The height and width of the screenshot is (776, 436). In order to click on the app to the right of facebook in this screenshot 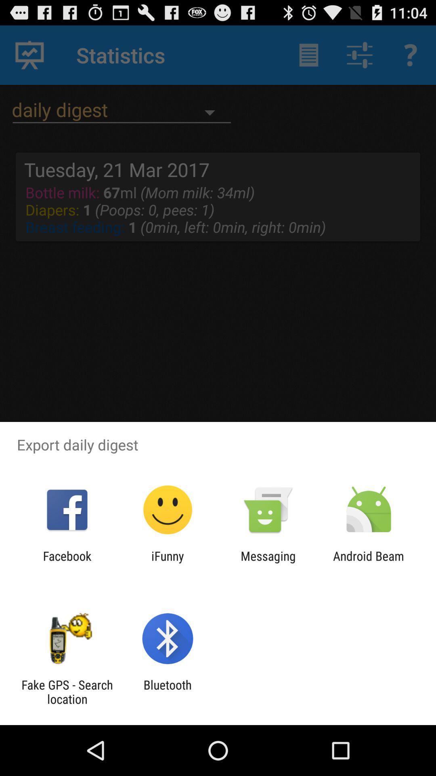, I will do `click(167, 563)`.